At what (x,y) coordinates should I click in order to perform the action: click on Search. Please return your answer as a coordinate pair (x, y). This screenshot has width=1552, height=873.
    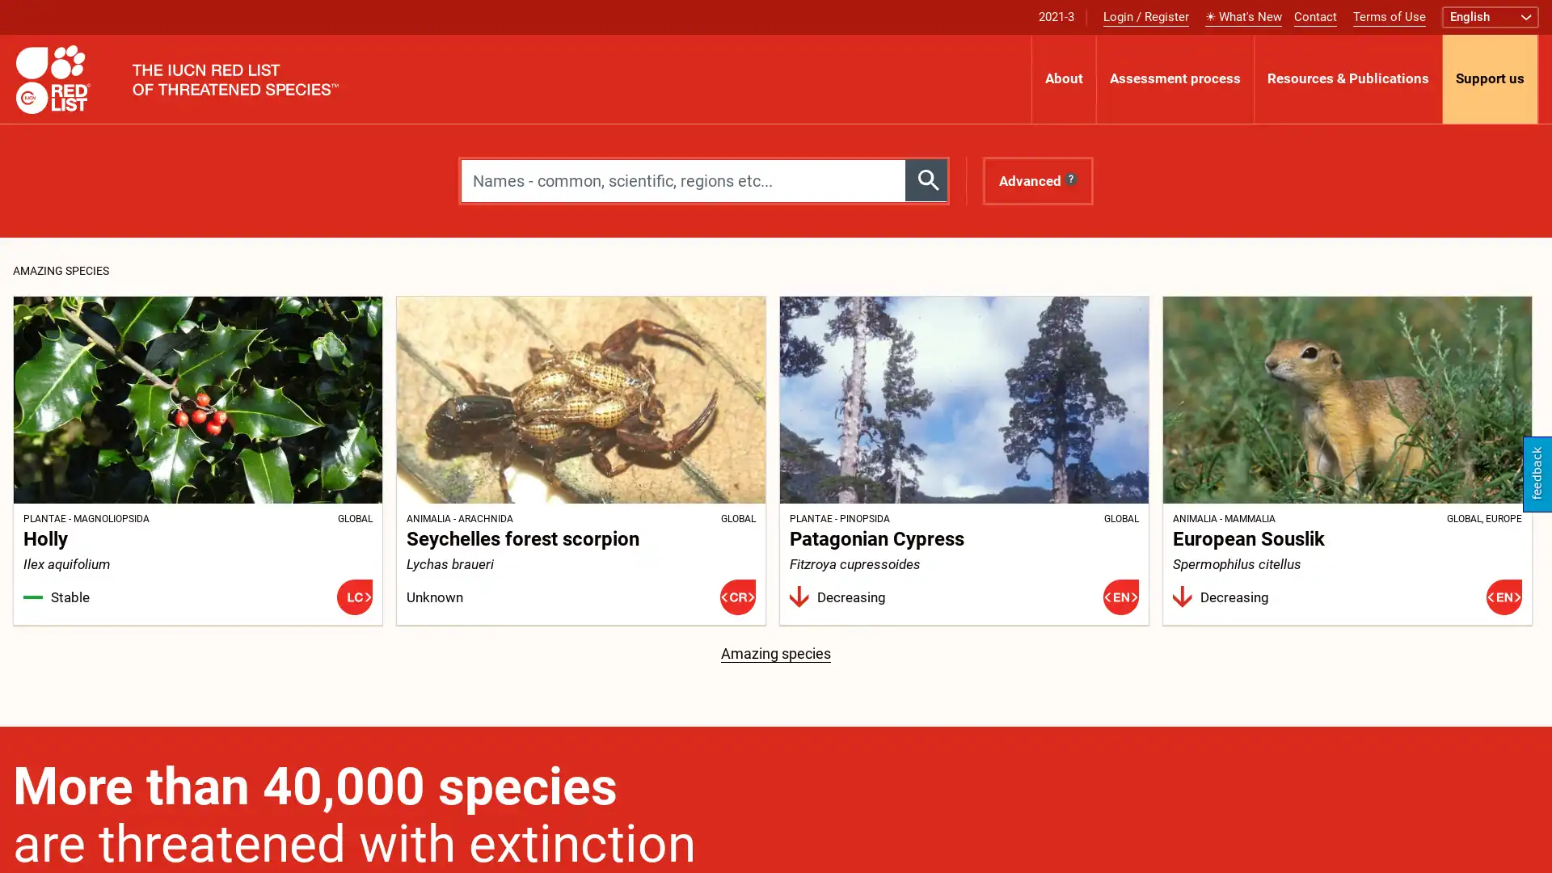
    Looking at the image, I should click on (926, 180).